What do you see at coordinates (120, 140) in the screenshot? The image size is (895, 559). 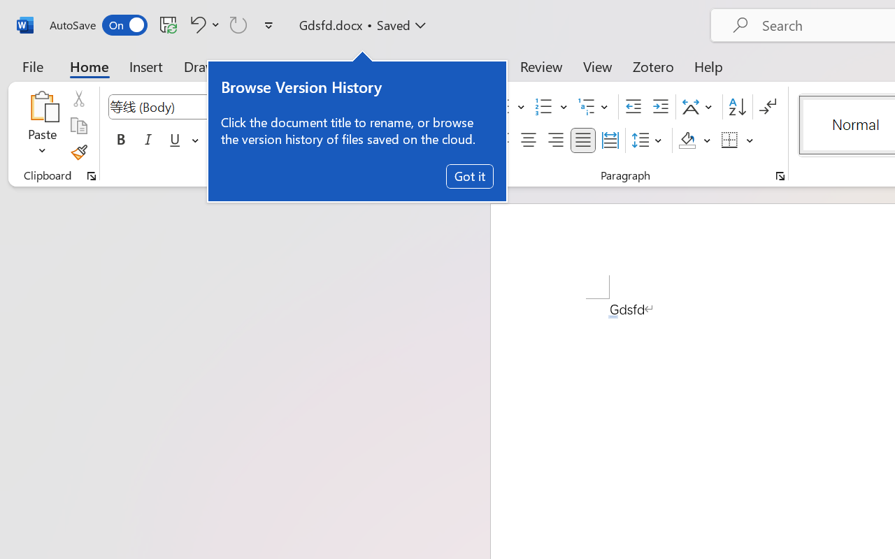 I see `'Bold'` at bounding box center [120, 140].